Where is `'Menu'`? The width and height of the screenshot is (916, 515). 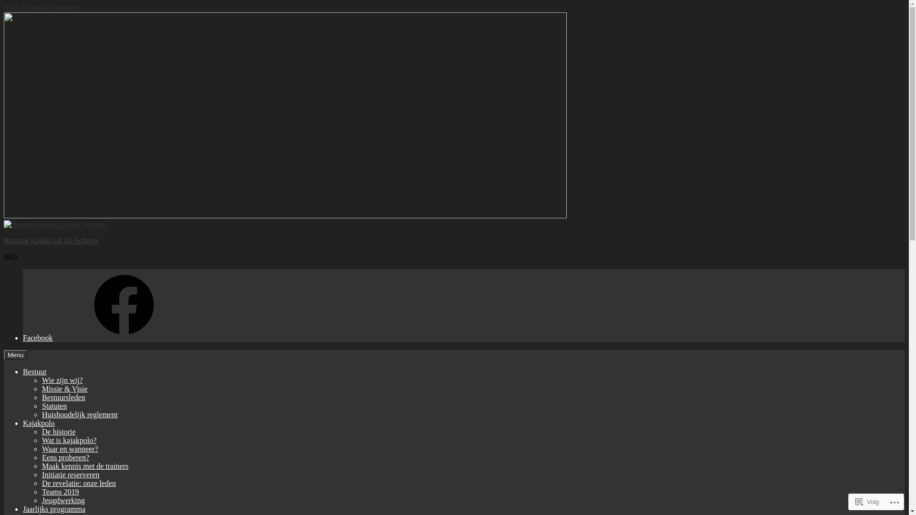 'Menu' is located at coordinates (15, 355).